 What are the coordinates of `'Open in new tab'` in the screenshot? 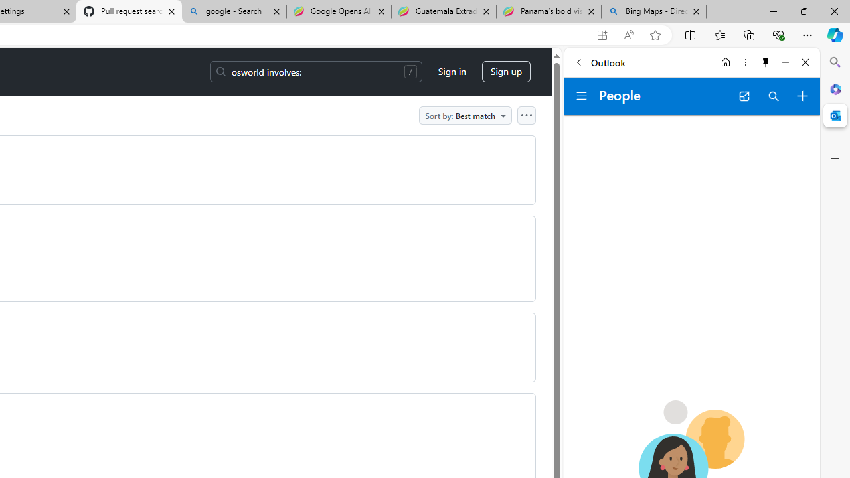 It's located at (744, 96).